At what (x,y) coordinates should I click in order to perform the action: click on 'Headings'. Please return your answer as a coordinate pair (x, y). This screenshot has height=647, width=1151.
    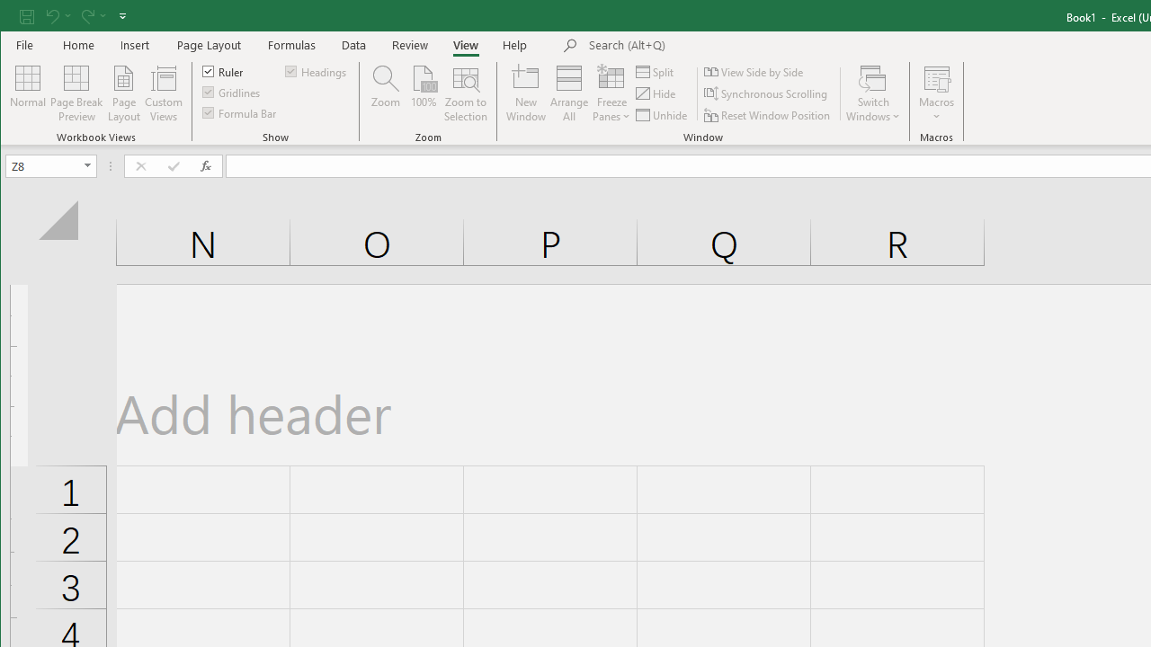
    Looking at the image, I should click on (317, 70).